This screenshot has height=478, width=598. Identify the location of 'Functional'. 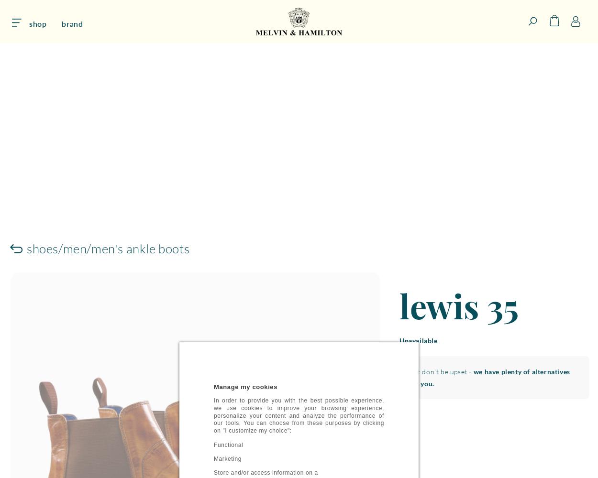
(228, 445).